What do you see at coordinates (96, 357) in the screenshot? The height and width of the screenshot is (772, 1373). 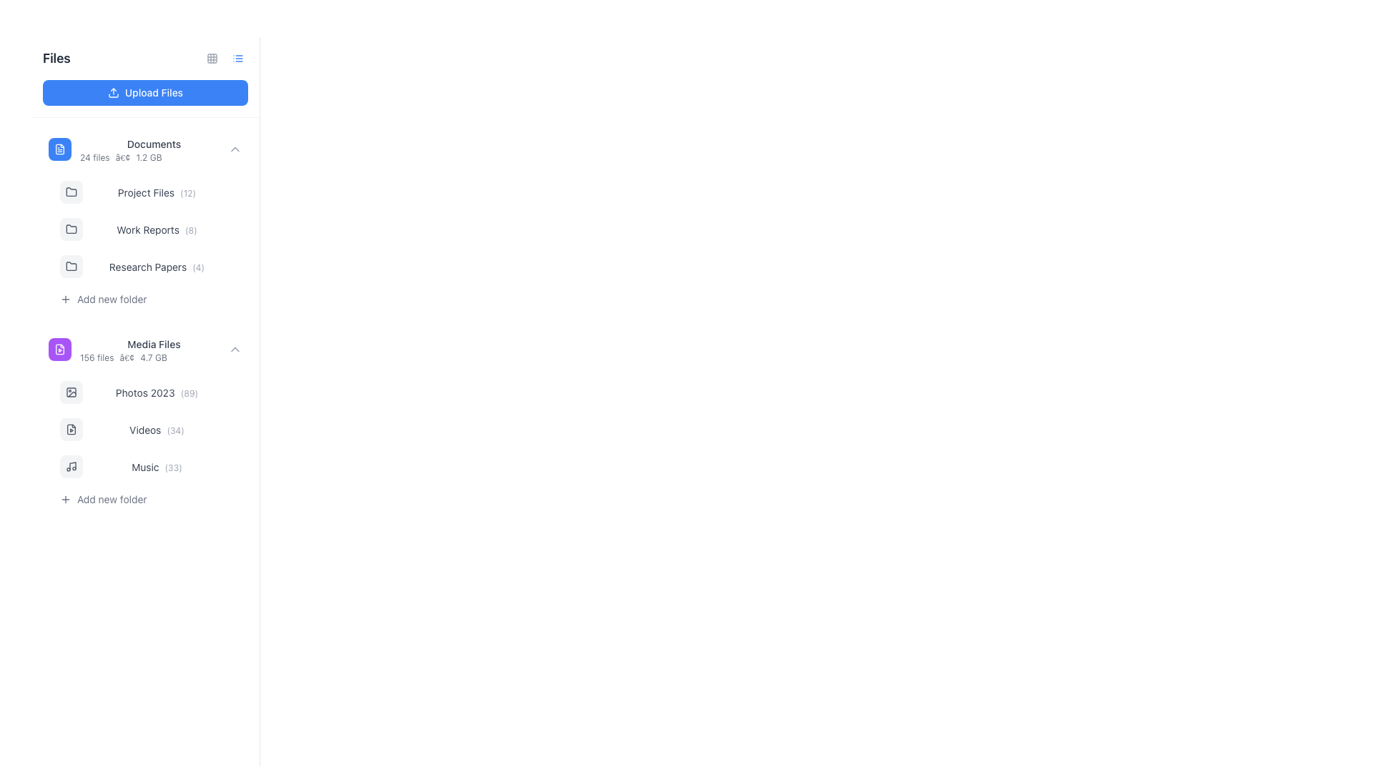 I see `the Text label displaying '156 files', which is located to the left of the separator and below the 'Media Files' folder entry` at bounding box center [96, 357].